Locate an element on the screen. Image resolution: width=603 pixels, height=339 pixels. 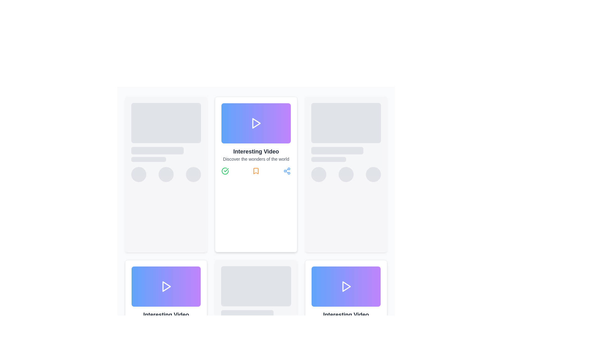
the decorative placeholder component, which is a horizontally elongated rectangular bar with rounded edges and a light gray background, positioned above a thinner gray bar and three circular elements in the middle-left card of the layout is located at coordinates (157, 150).